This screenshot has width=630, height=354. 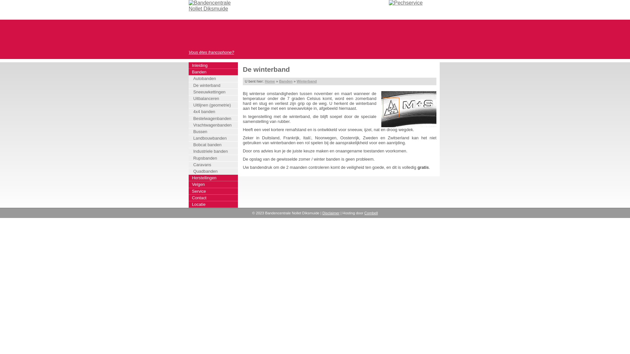 I want to click on 'Industriele banden', so click(x=214, y=151).